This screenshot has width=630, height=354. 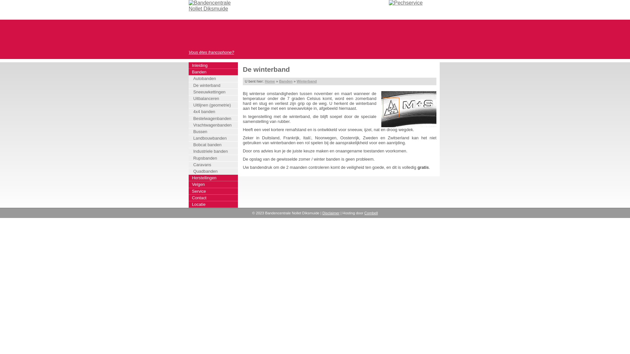 I want to click on 'Industriele banden', so click(x=214, y=151).